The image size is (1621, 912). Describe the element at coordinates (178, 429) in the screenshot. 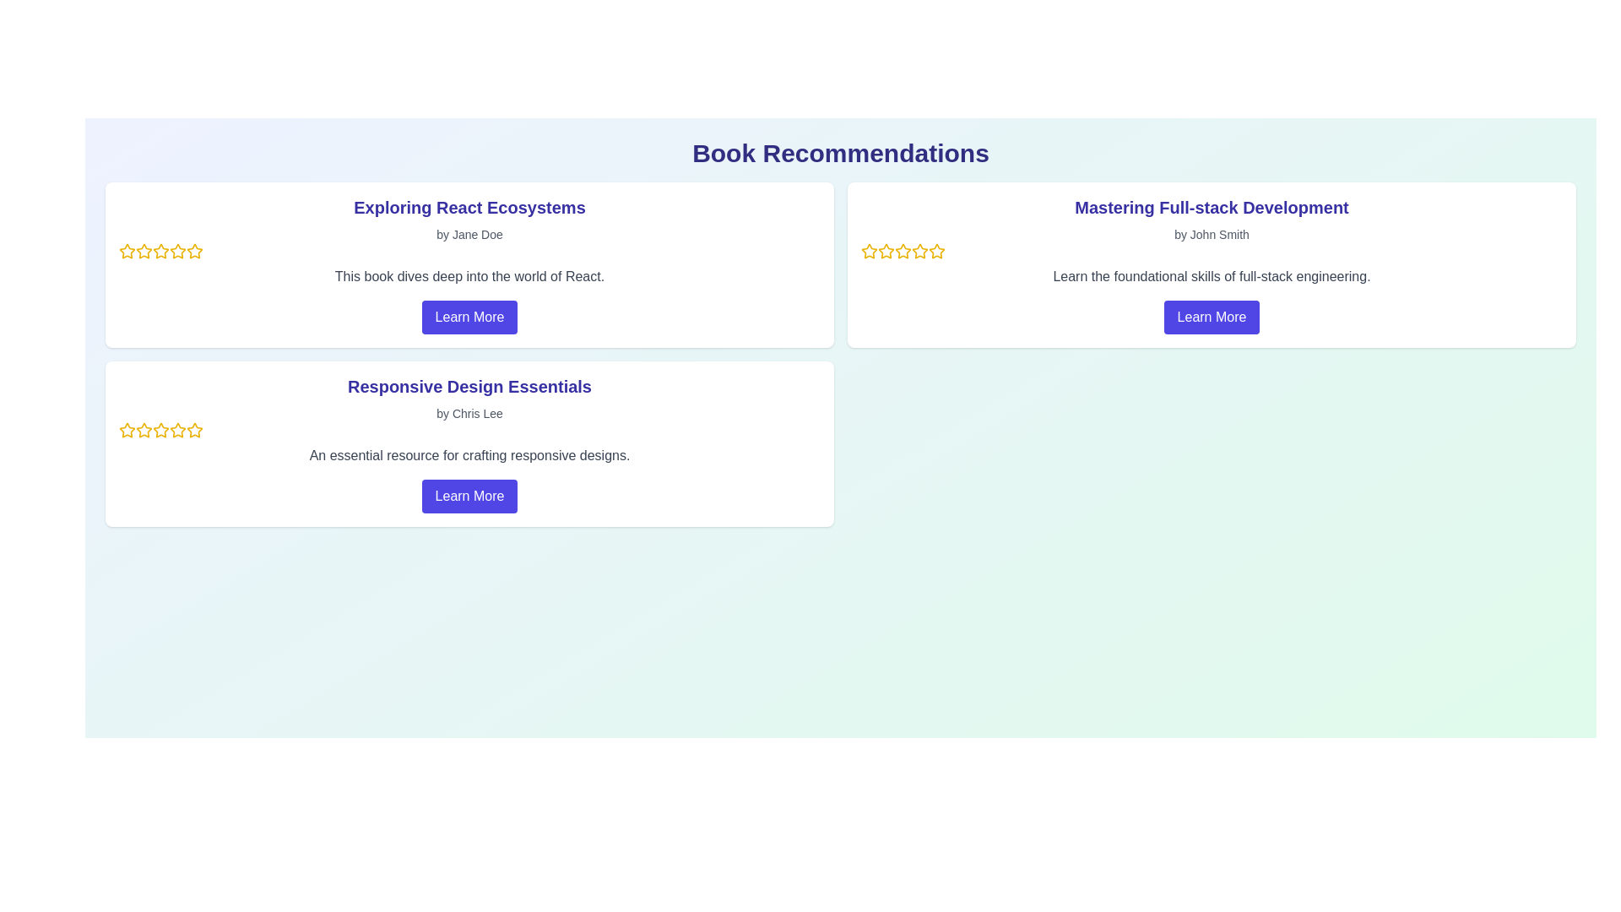

I see `the sixth star icon with a yellow outline in the 'Responsive Design Essentials' section to interact` at that location.